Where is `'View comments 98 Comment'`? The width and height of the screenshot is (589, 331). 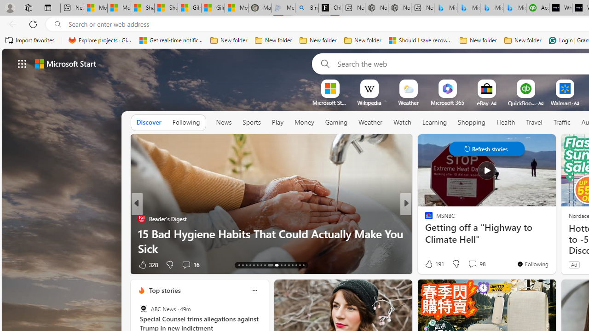
'View comments 98 Comment' is located at coordinates (476, 264).